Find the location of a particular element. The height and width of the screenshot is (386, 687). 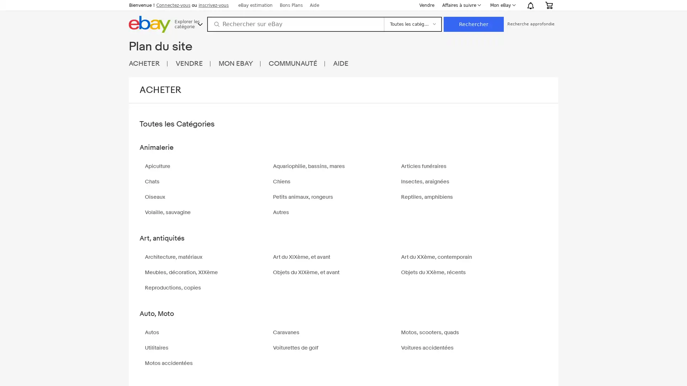

Explorer les categorie is located at coordinates (189, 23).